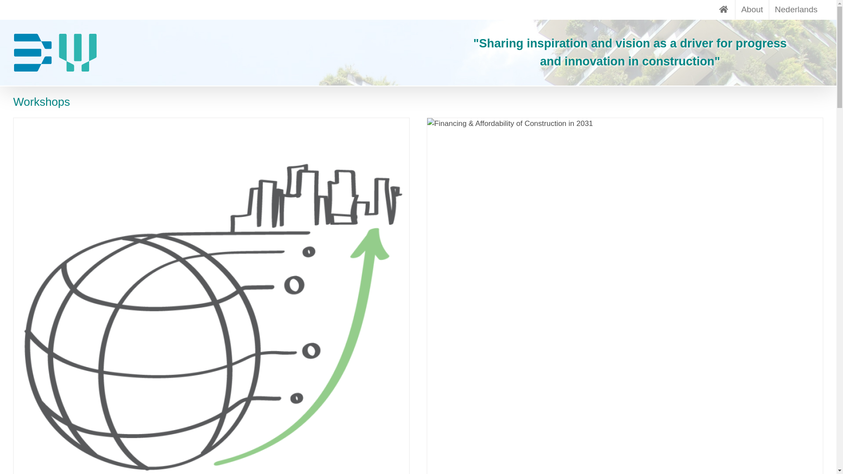 The height and width of the screenshot is (474, 843). Describe the element at coordinates (752, 10) in the screenshot. I see `'About'` at that location.